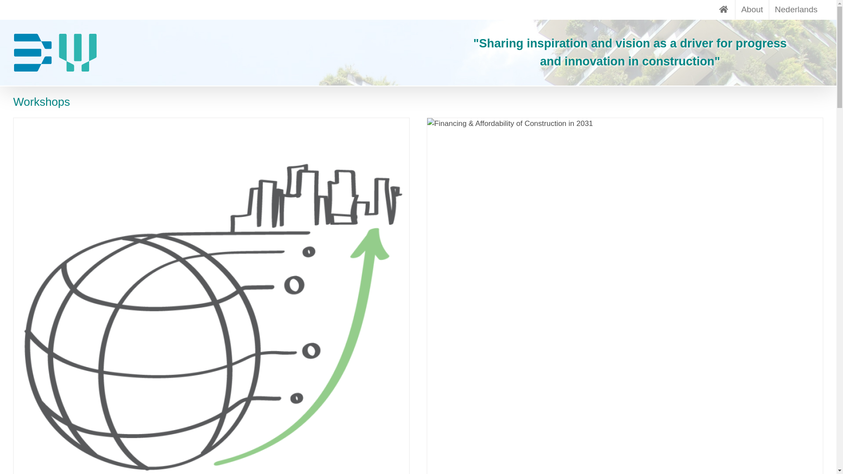 The height and width of the screenshot is (474, 843). Describe the element at coordinates (752, 10) in the screenshot. I see `'About'` at that location.